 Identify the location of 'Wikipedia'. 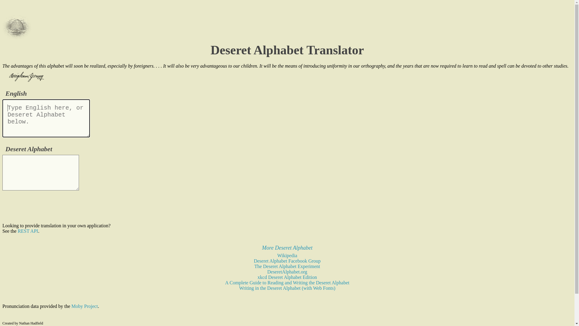
(287, 255).